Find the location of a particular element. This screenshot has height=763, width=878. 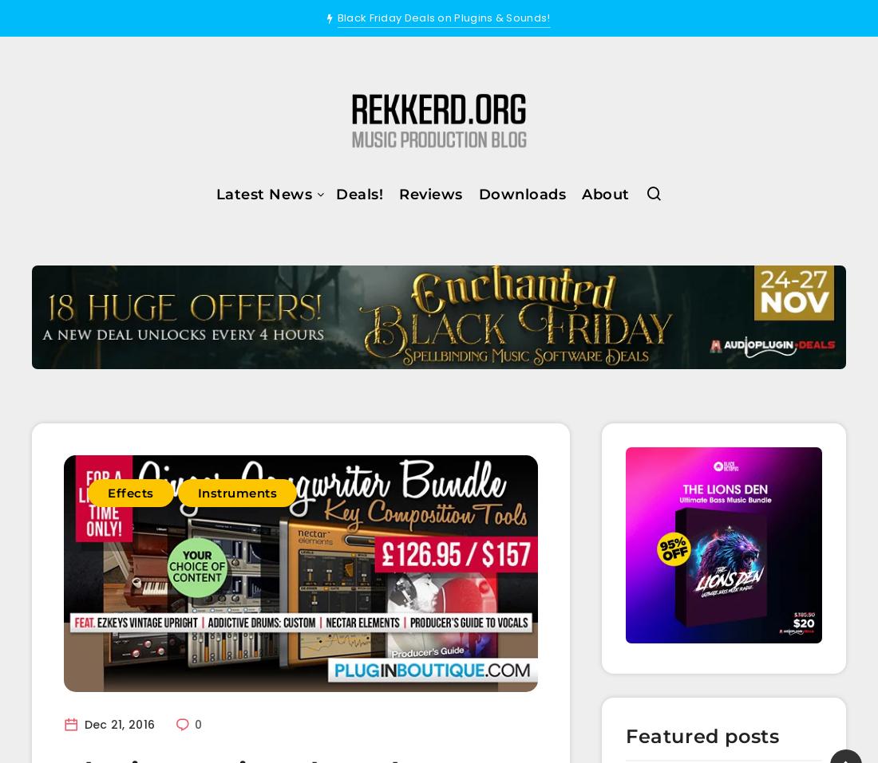

'Other News' is located at coordinates (180, 400).